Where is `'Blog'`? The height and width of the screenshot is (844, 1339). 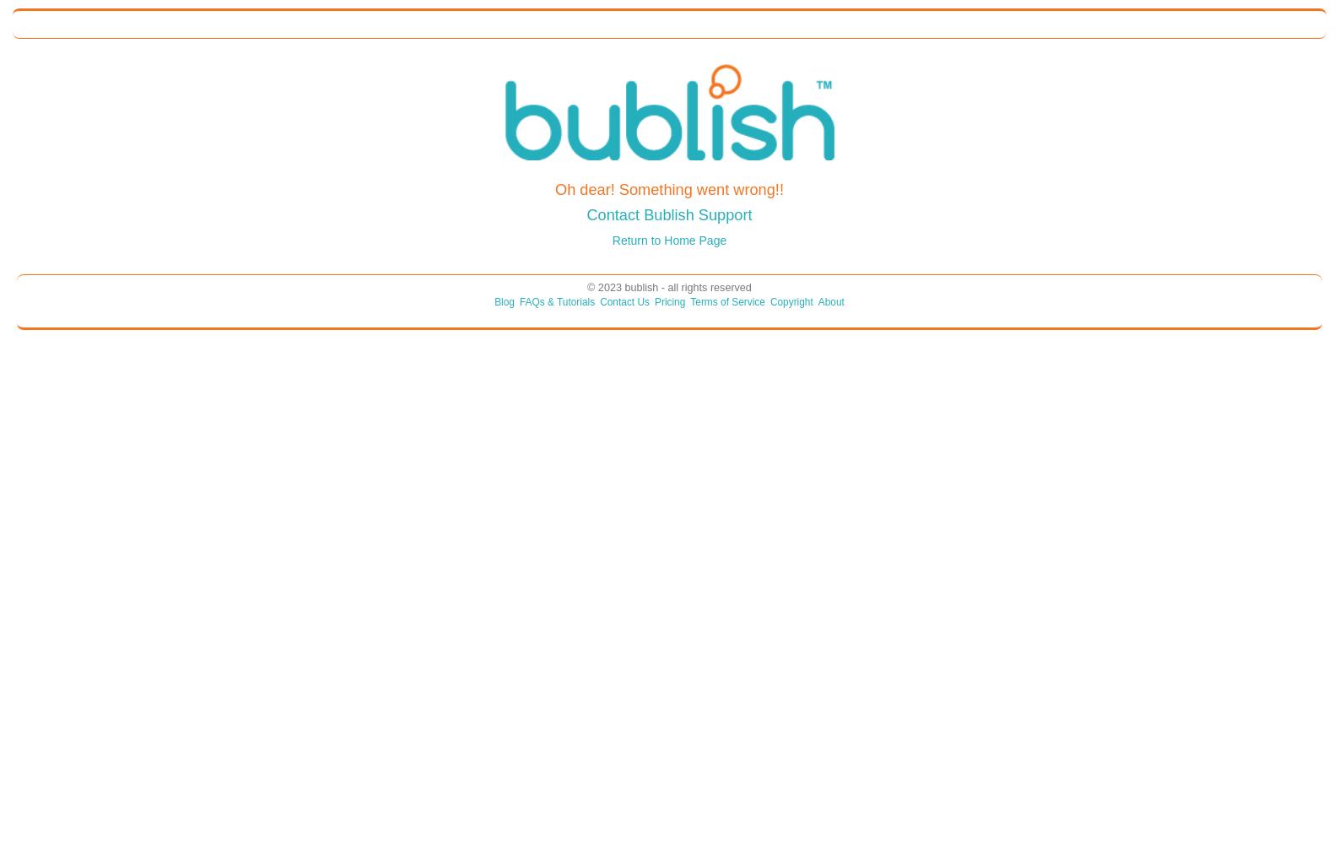 'Blog' is located at coordinates (504, 301).